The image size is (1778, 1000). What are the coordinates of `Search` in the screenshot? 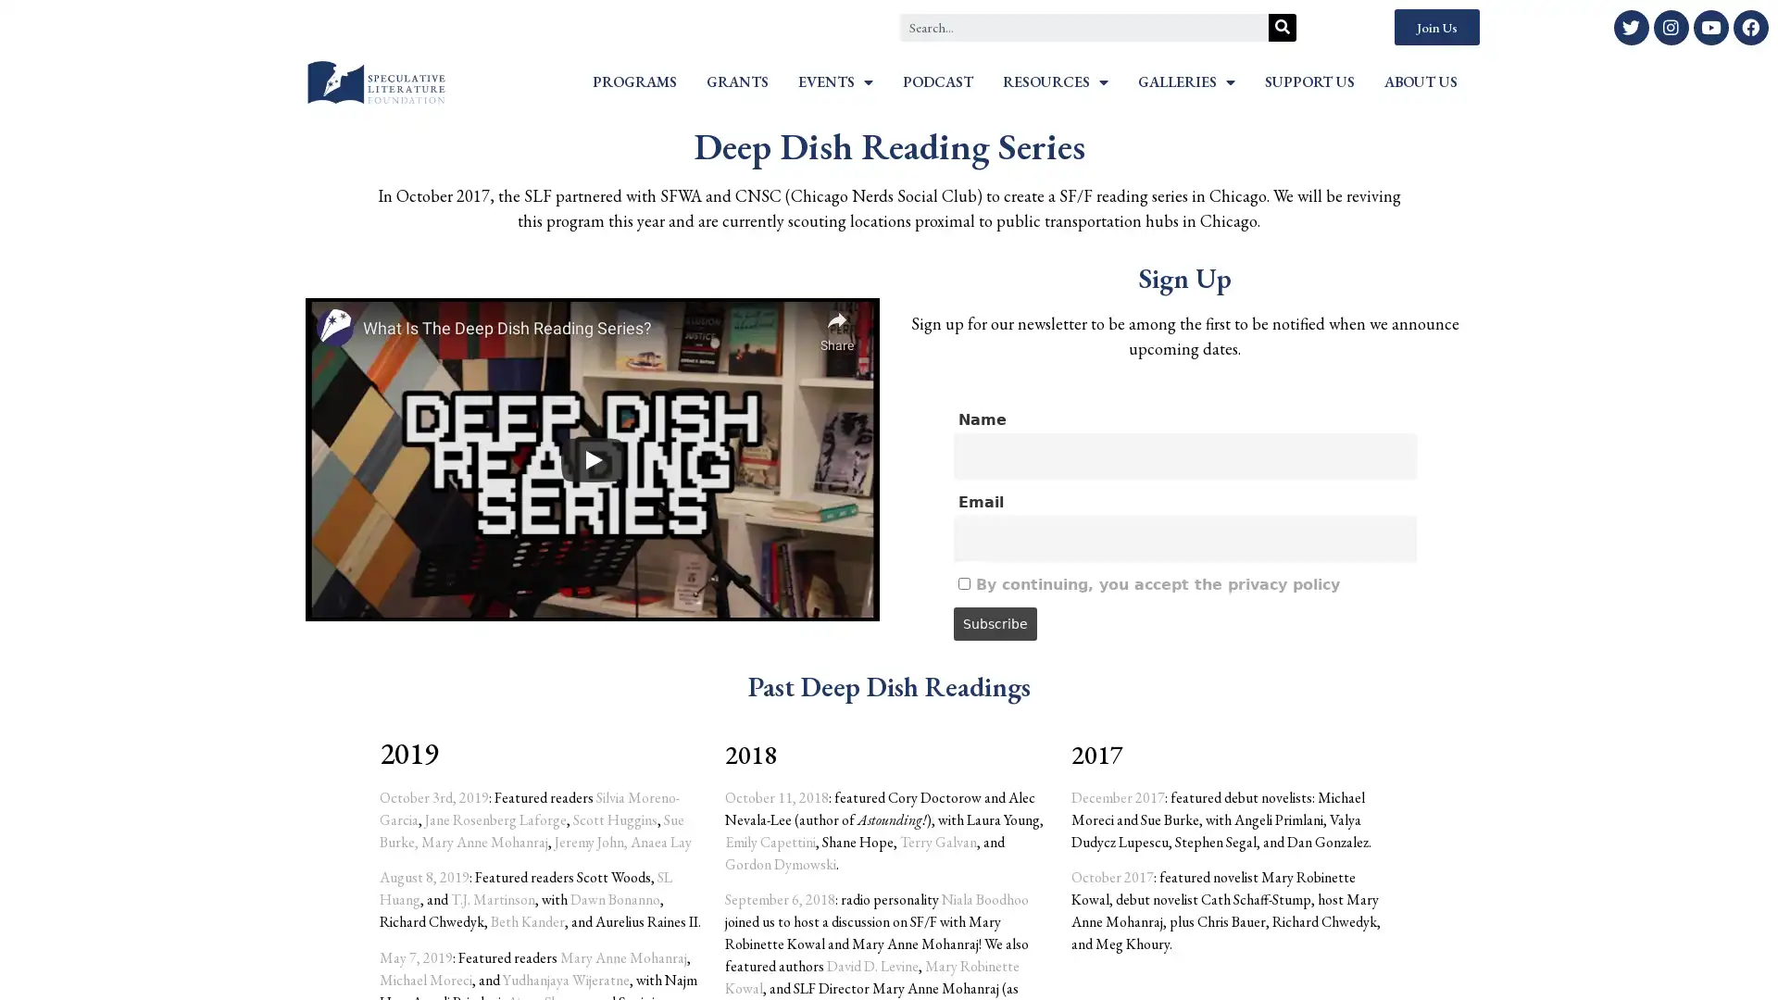 It's located at (1282, 27).